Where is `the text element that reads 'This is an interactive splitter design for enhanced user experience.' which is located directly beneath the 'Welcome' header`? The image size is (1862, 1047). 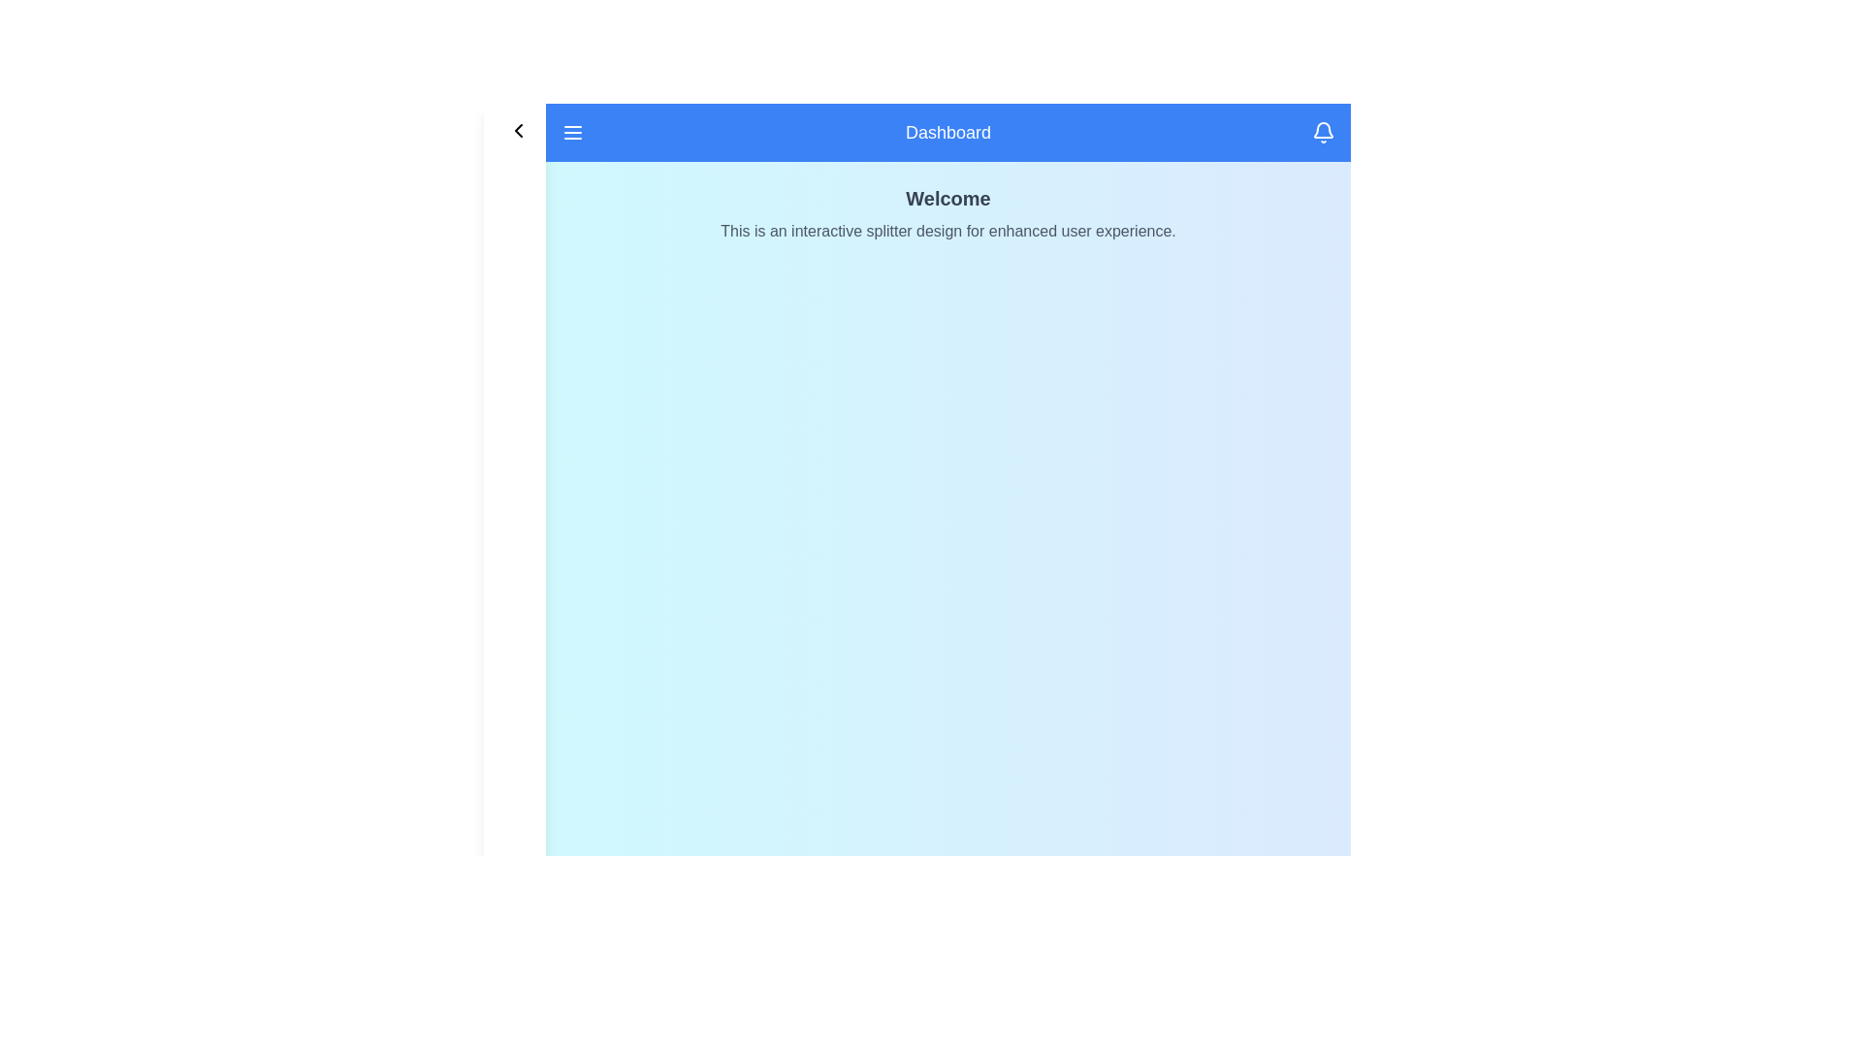
the text element that reads 'This is an interactive splitter design for enhanced user experience.' which is located directly beneath the 'Welcome' header is located at coordinates (948, 231).